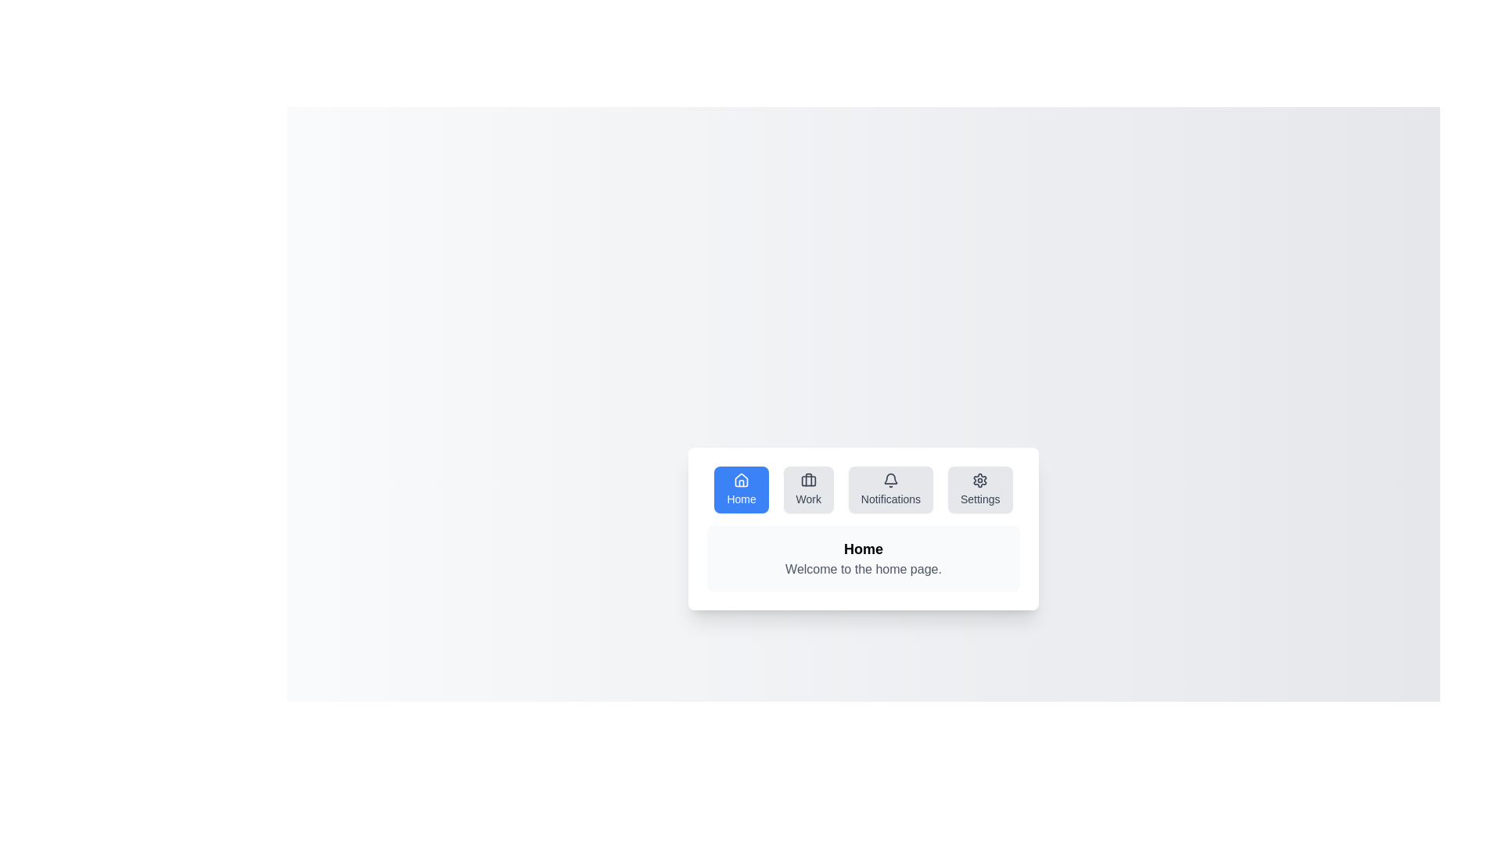 The image size is (1502, 844). What do you see at coordinates (890, 479) in the screenshot?
I see `the black outline bell icon, which serves as the notifications indicator located within the 'Notifications' button, the third option in the row of buttons between 'Work' and 'Settings'` at bounding box center [890, 479].